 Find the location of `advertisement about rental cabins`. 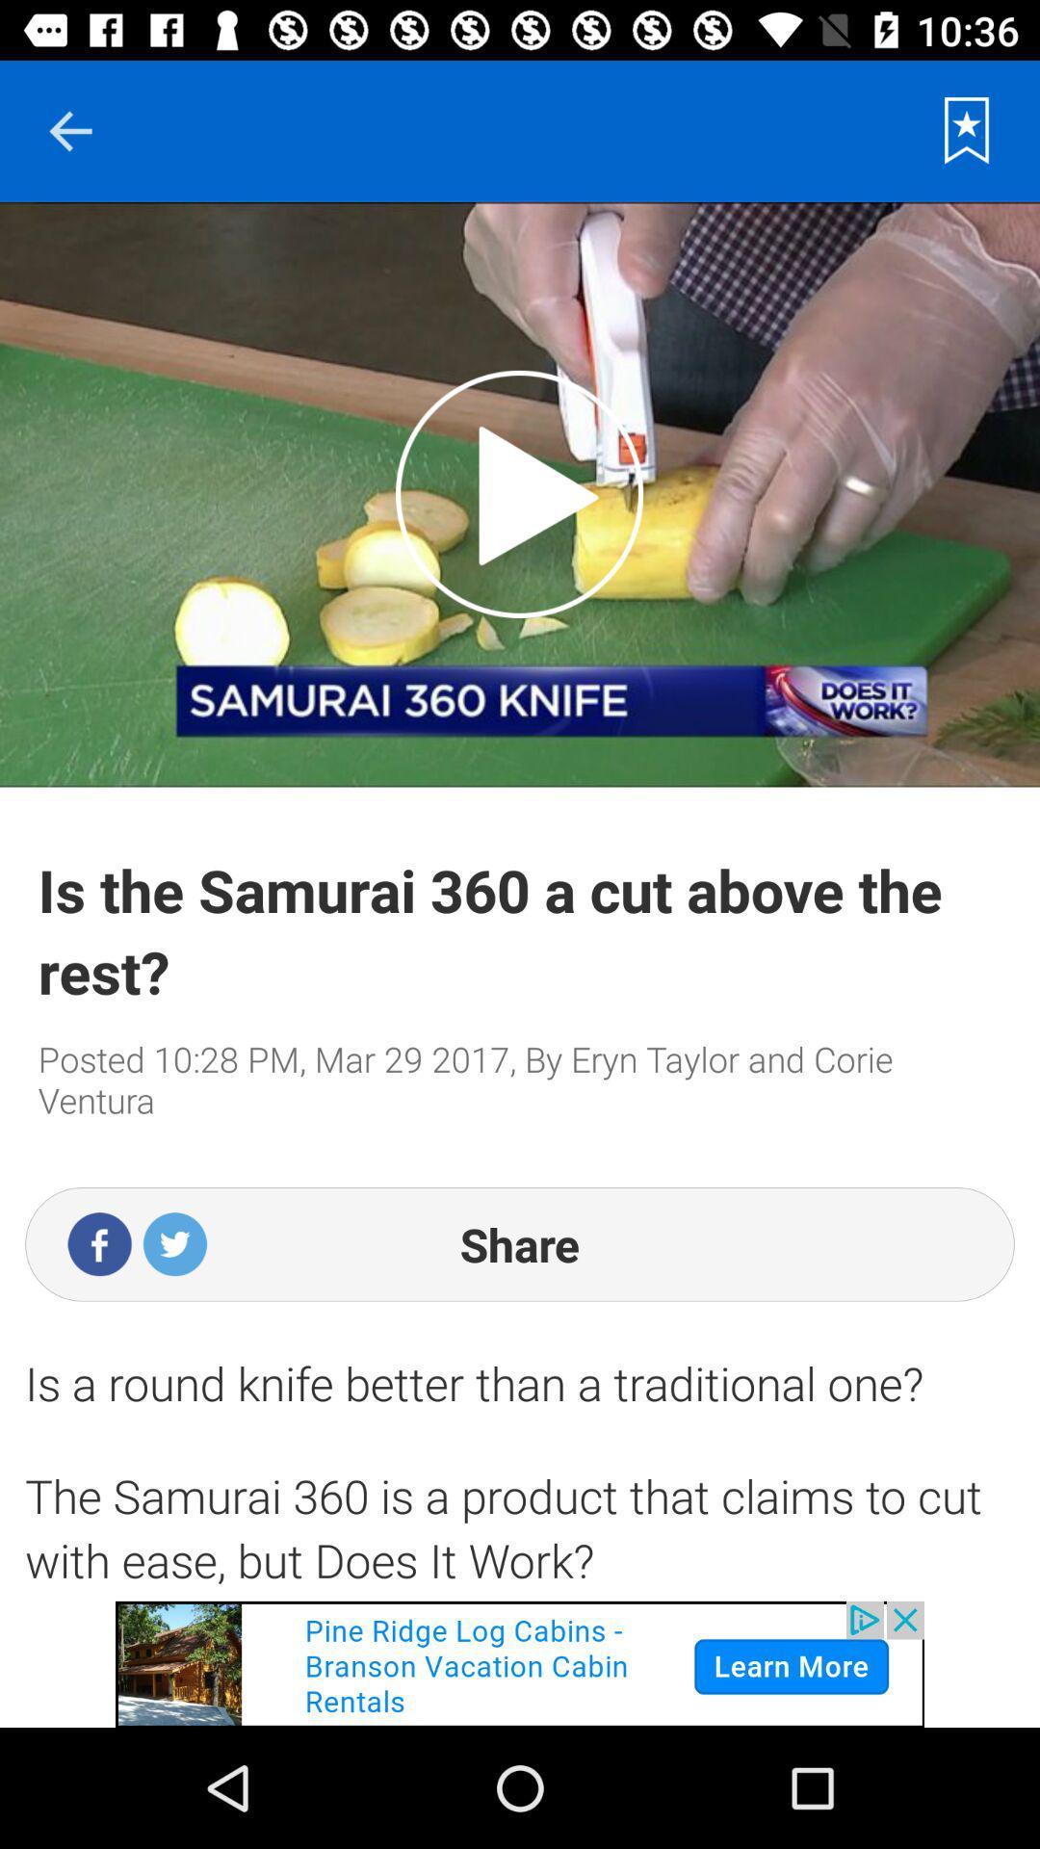

advertisement about rental cabins is located at coordinates (520, 1663).